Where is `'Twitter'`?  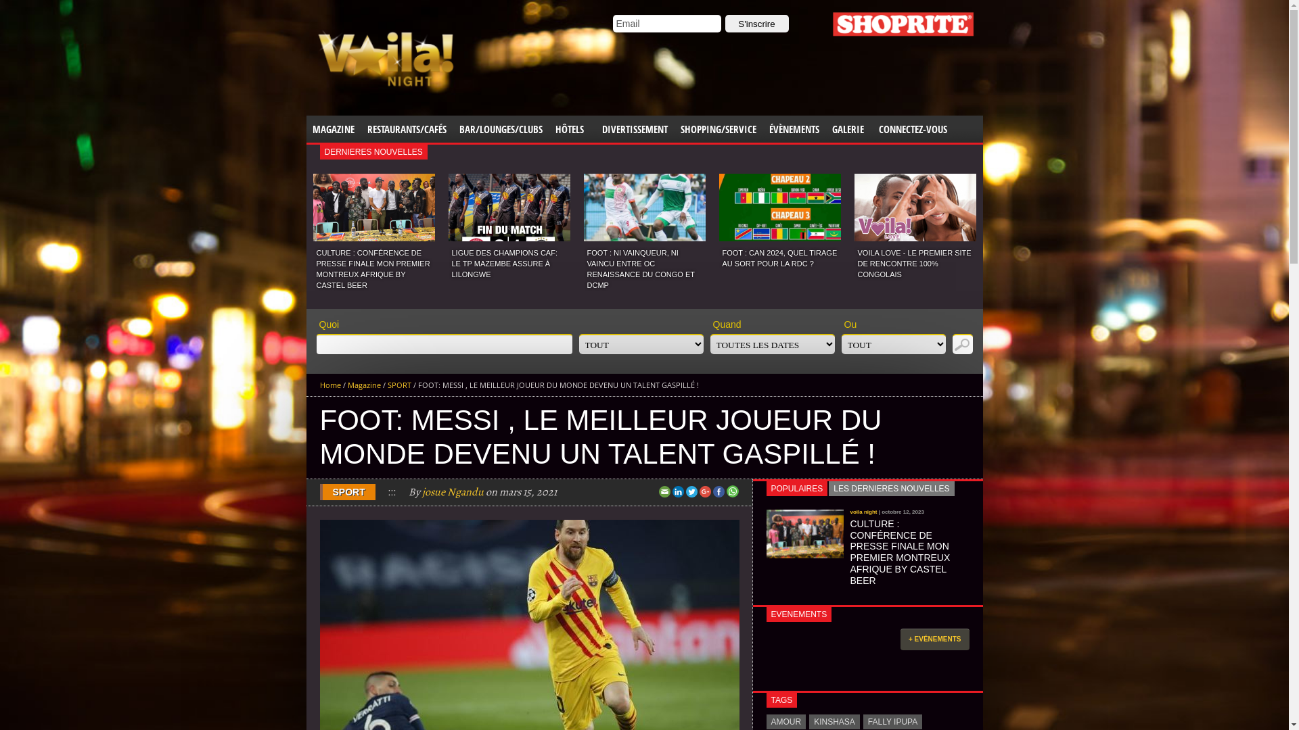
'Twitter' is located at coordinates (685, 491).